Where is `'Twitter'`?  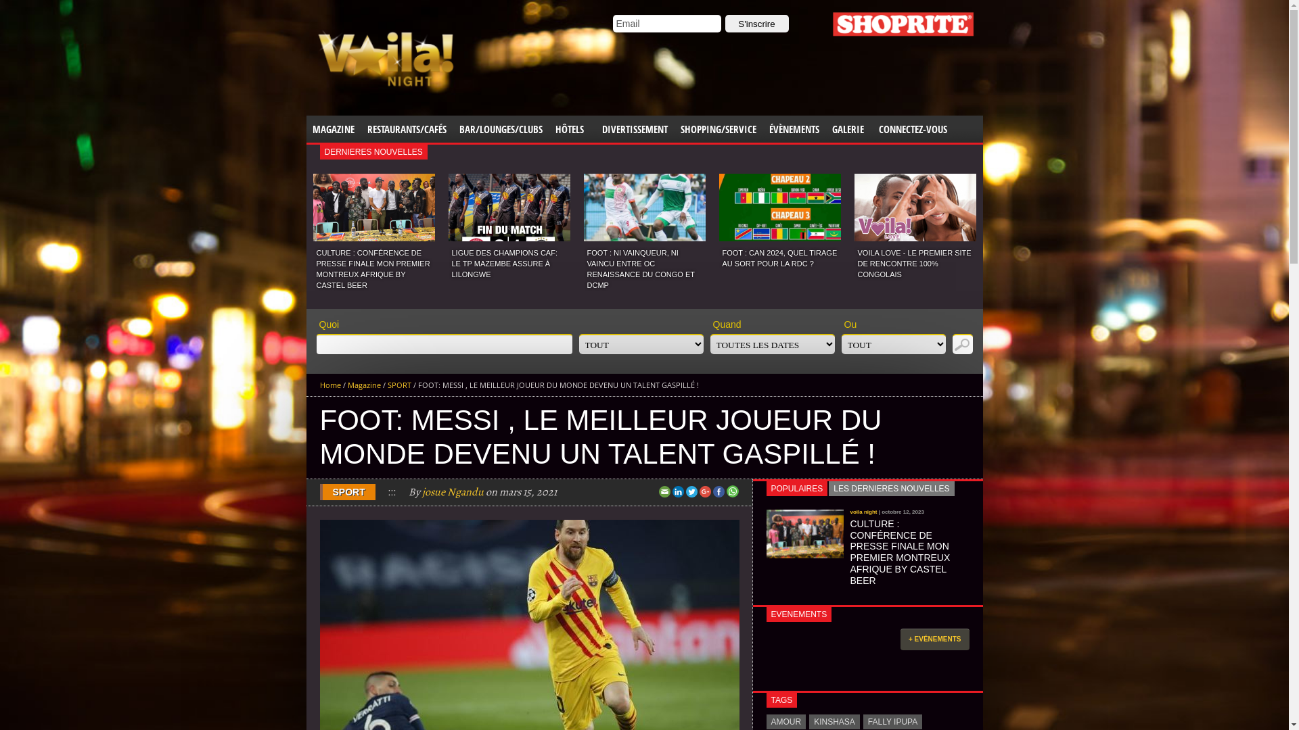
'Twitter' is located at coordinates (685, 491).